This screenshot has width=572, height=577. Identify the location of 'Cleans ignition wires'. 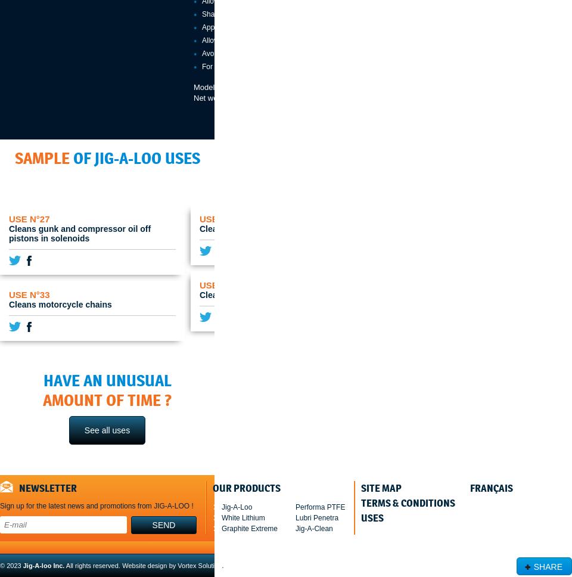
(200, 295).